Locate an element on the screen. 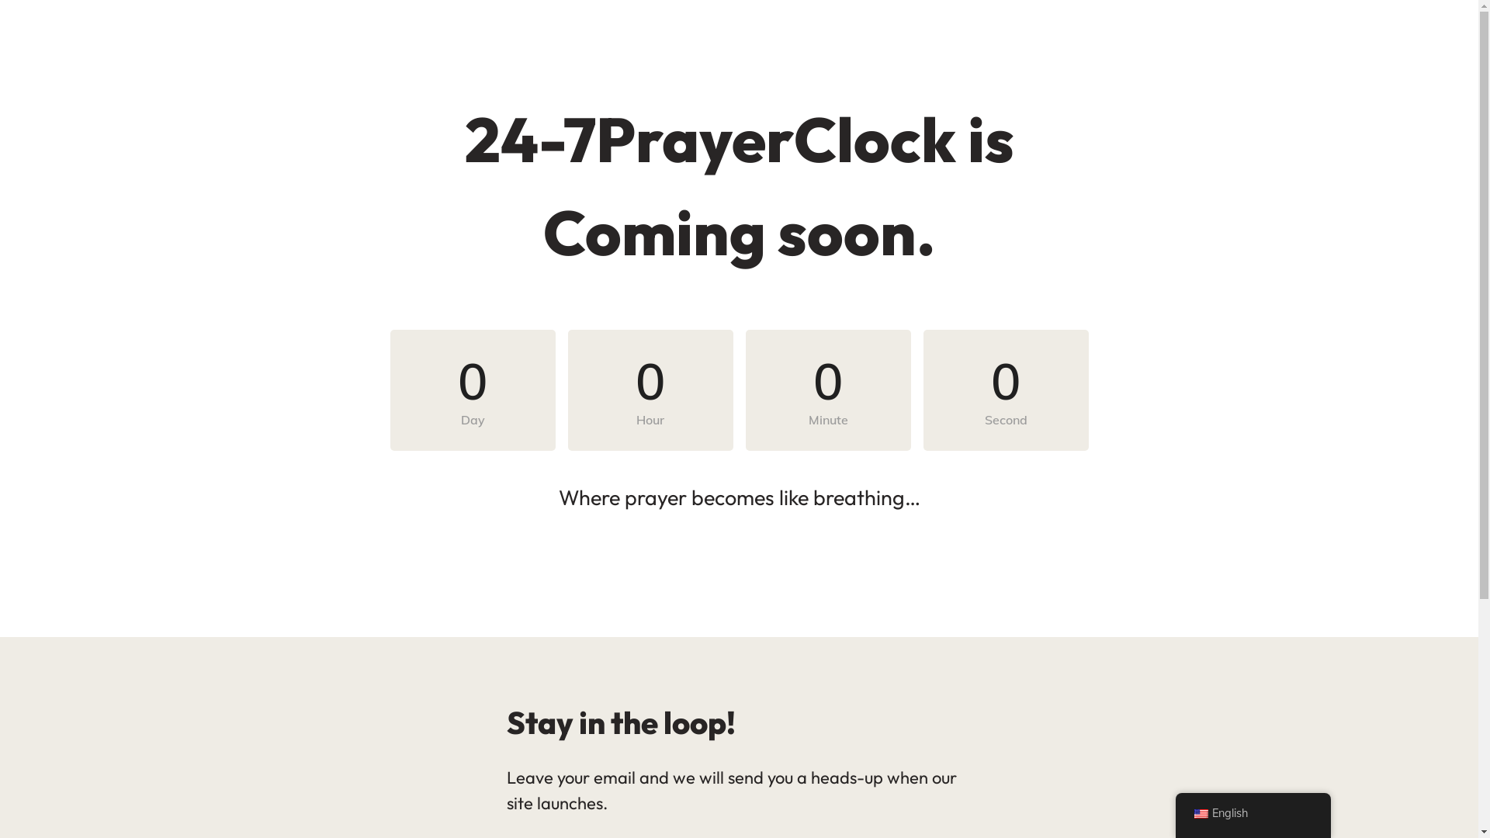 This screenshot has width=1490, height=838. 'English' is located at coordinates (1199, 813).